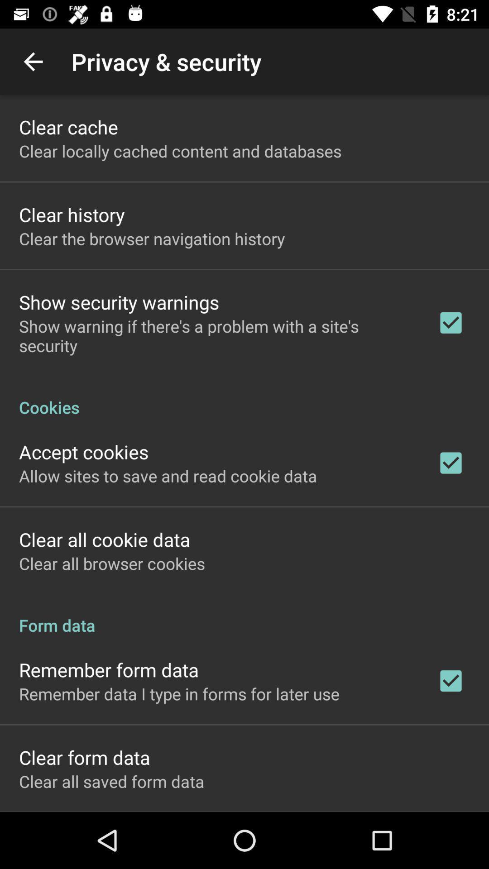 The height and width of the screenshot is (869, 489). What do you see at coordinates (180, 151) in the screenshot?
I see `icon below clear cache app` at bounding box center [180, 151].